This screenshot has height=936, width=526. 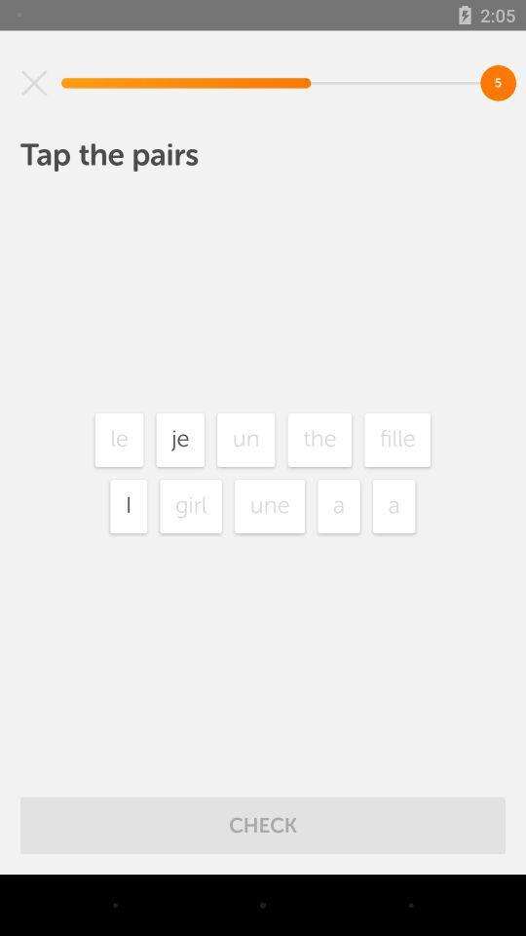 What do you see at coordinates (180, 440) in the screenshot?
I see `the je item` at bounding box center [180, 440].